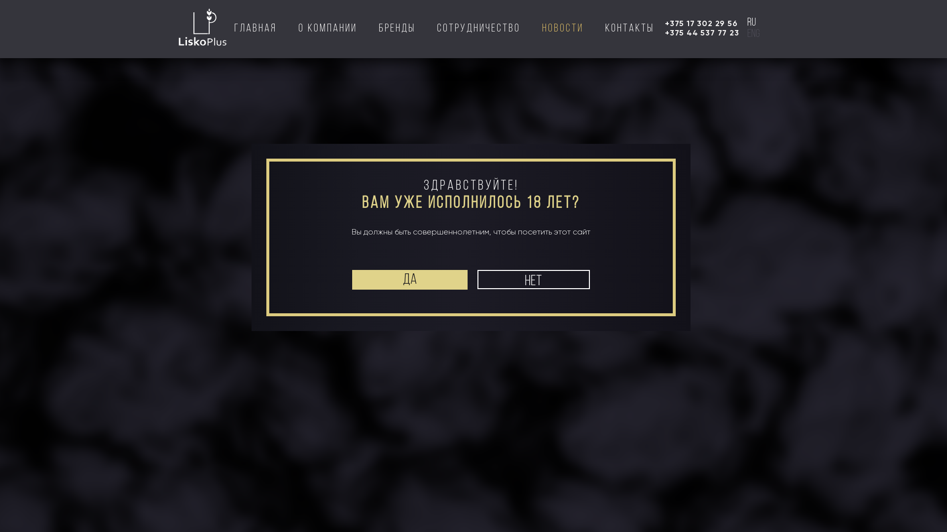 Image resolution: width=947 pixels, height=532 pixels. What do you see at coordinates (870, 39) in the screenshot?
I see `'ENG'` at bounding box center [870, 39].